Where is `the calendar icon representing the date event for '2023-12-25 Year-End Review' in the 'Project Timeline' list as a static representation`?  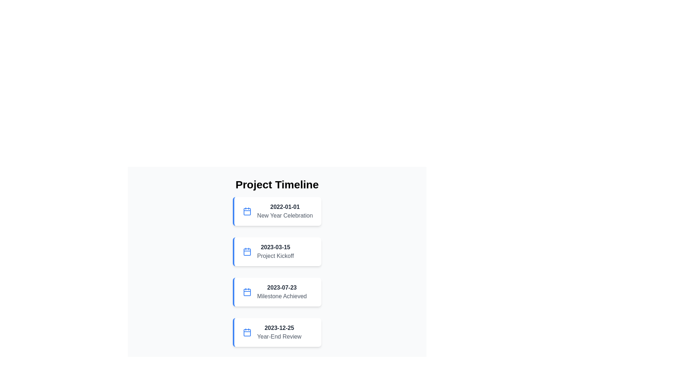 the calendar icon representing the date event for '2023-12-25 Year-End Review' in the 'Project Timeline' list as a static representation is located at coordinates (247, 332).